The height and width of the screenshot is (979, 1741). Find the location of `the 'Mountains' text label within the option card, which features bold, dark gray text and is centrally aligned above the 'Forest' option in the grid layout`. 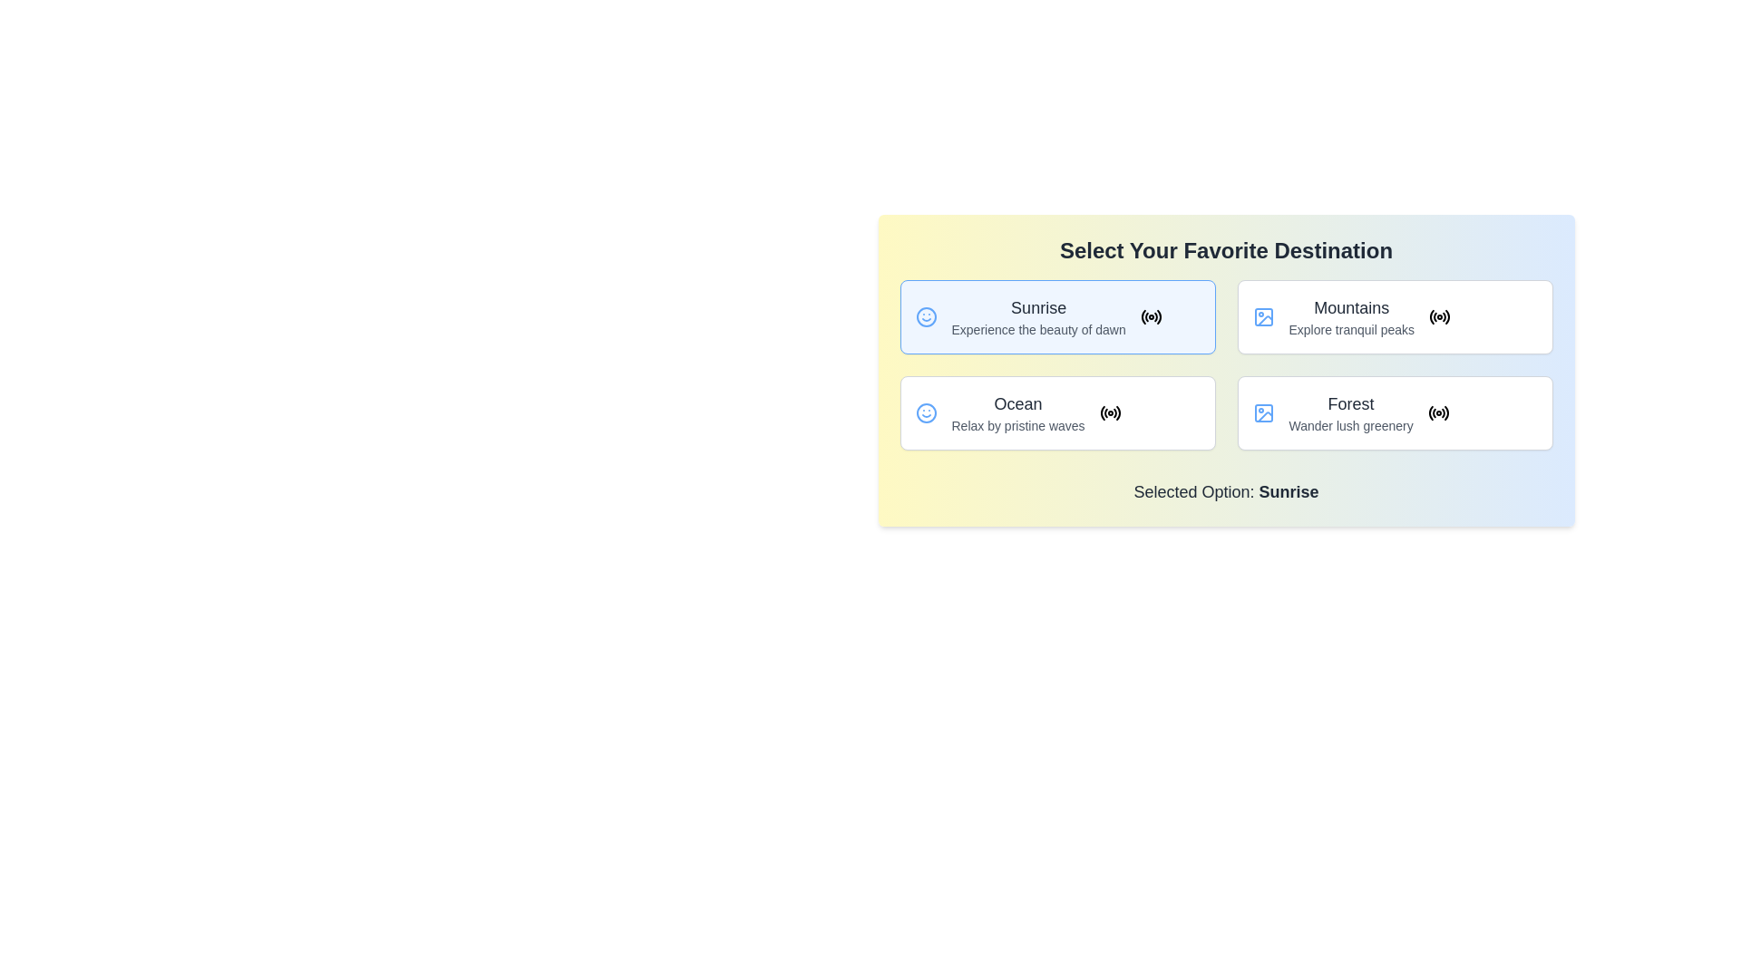

the 'Mountains' text label within the option card, which features bold, dark gray text and is centrally aligned above the 'Forest' option in the grid layout is located at coordinates (1351, 316).